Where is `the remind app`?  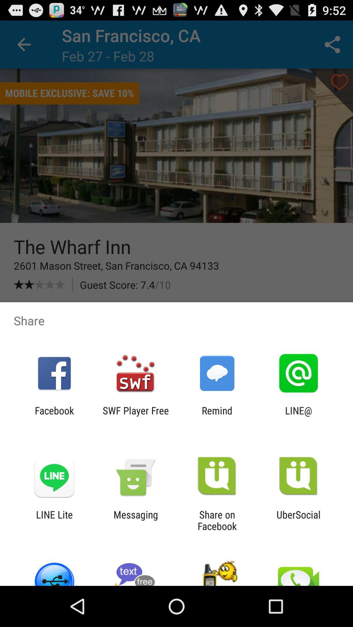
the remind app is located at coordinates (217, 416).